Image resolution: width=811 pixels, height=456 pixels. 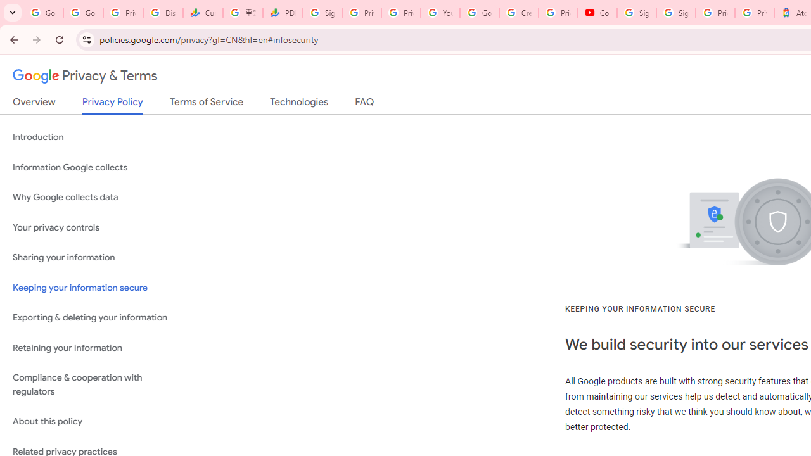 I want to click on 'Sharing your information', so click(x=96, y=257).